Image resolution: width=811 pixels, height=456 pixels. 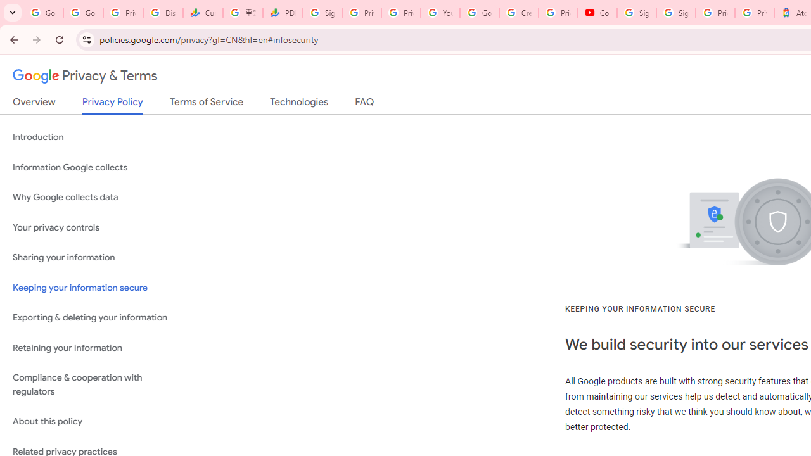 I want to click on 'Sharing your information', so click(x=96, y=257).